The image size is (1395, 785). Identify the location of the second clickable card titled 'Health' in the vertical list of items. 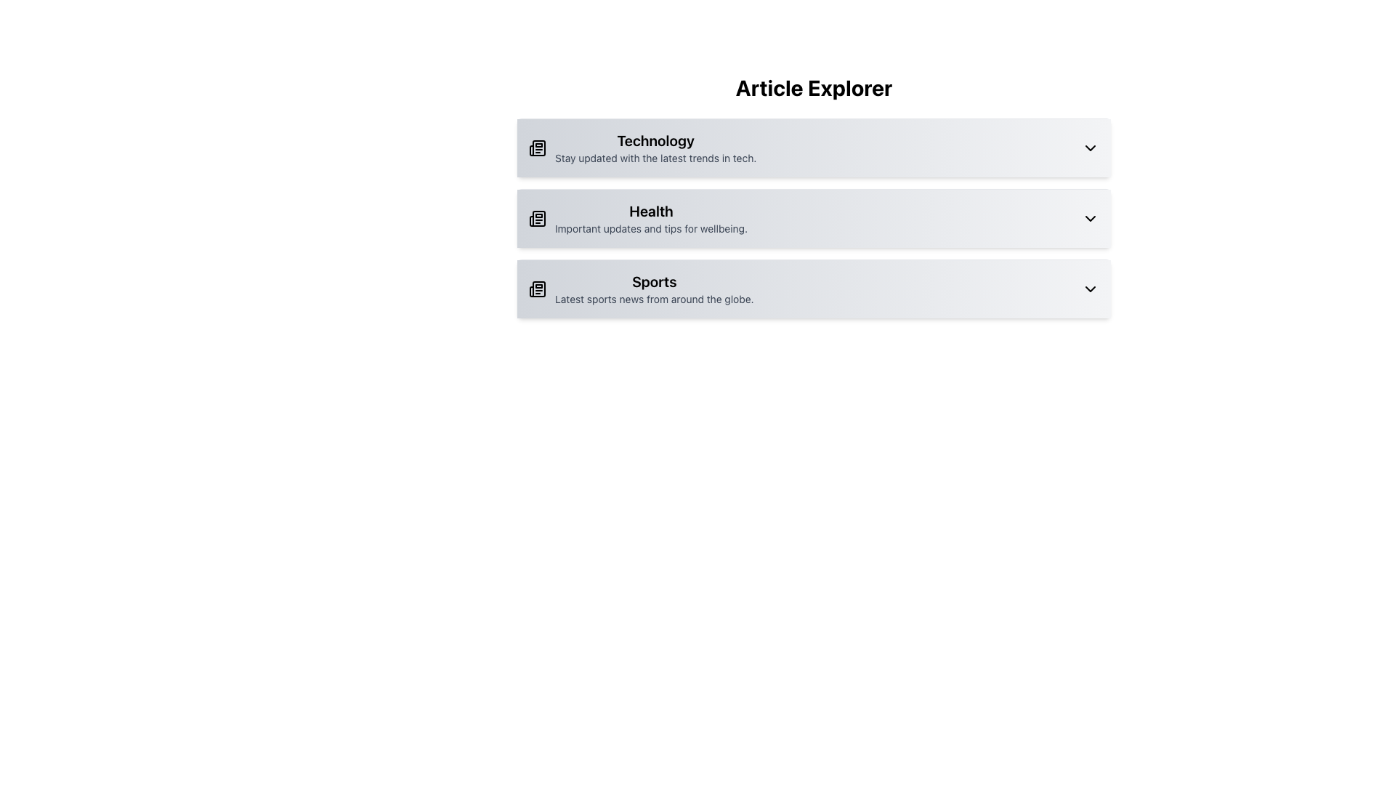
(814, 218).